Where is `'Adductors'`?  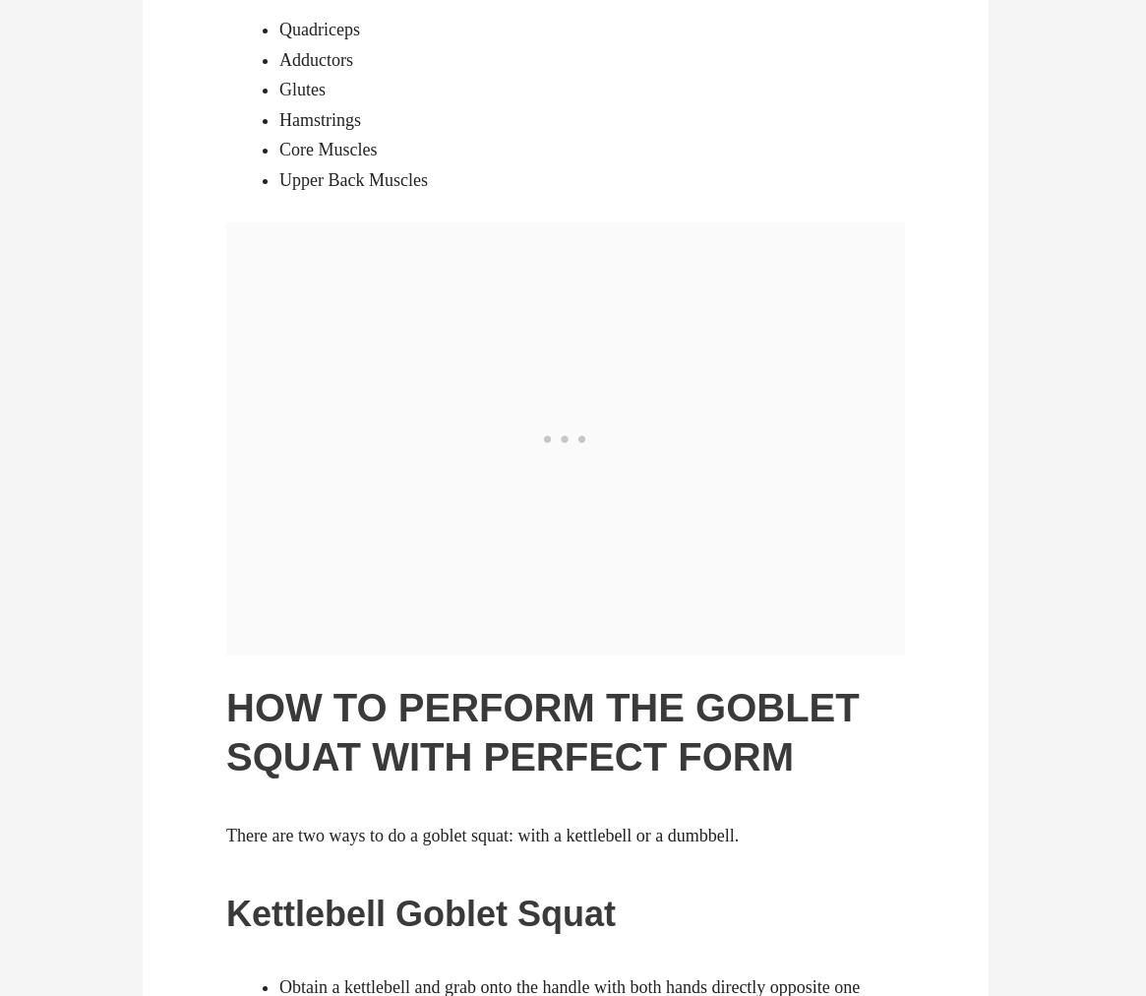
'Adductors' is located at coordinates (316, 58).